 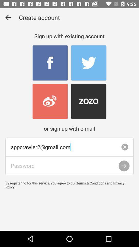 I want to click on submit login after password has been entered, so click(x=124, y=166).